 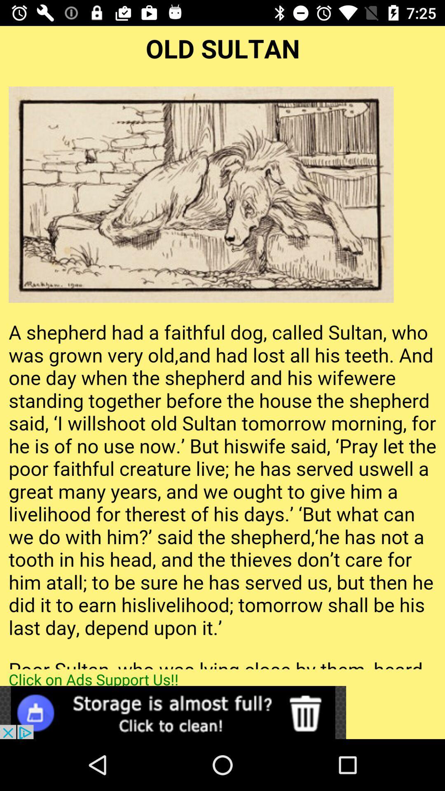 What do you see at coordinates (222, 347) in the screenshot?
I see `all` at bounding box center [222, 347].